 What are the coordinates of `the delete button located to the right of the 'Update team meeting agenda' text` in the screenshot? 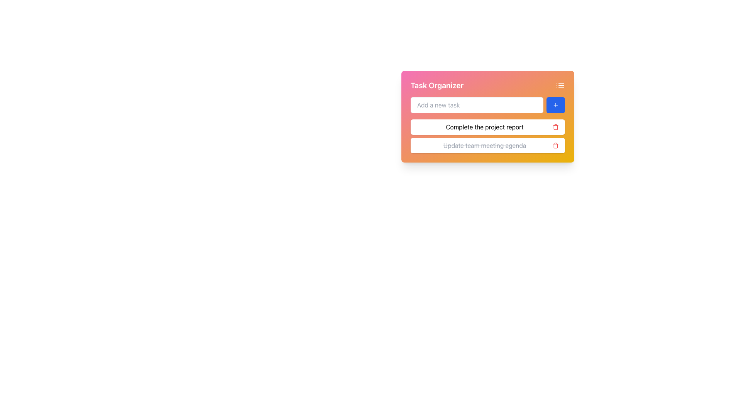 It's located at (556, 146).